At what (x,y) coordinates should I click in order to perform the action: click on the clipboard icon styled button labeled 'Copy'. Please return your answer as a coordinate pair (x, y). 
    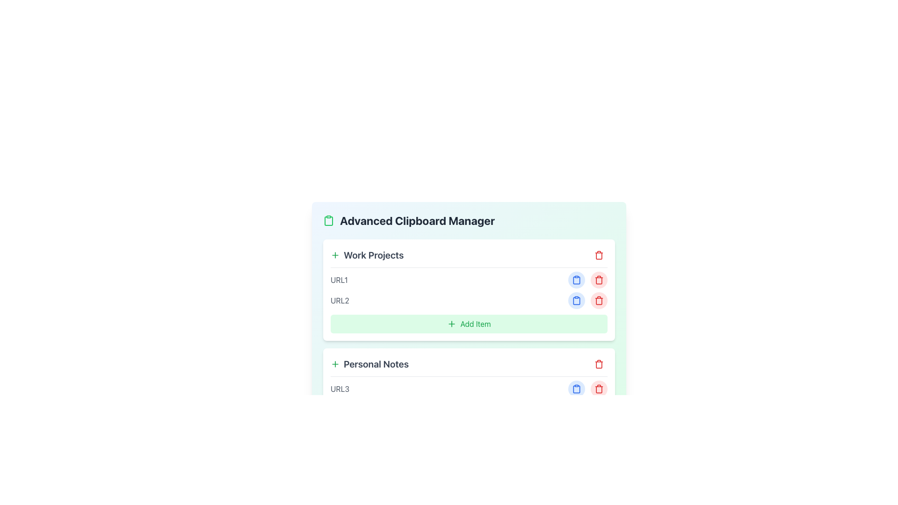
    Looking at the image, I should click on (576, 279).